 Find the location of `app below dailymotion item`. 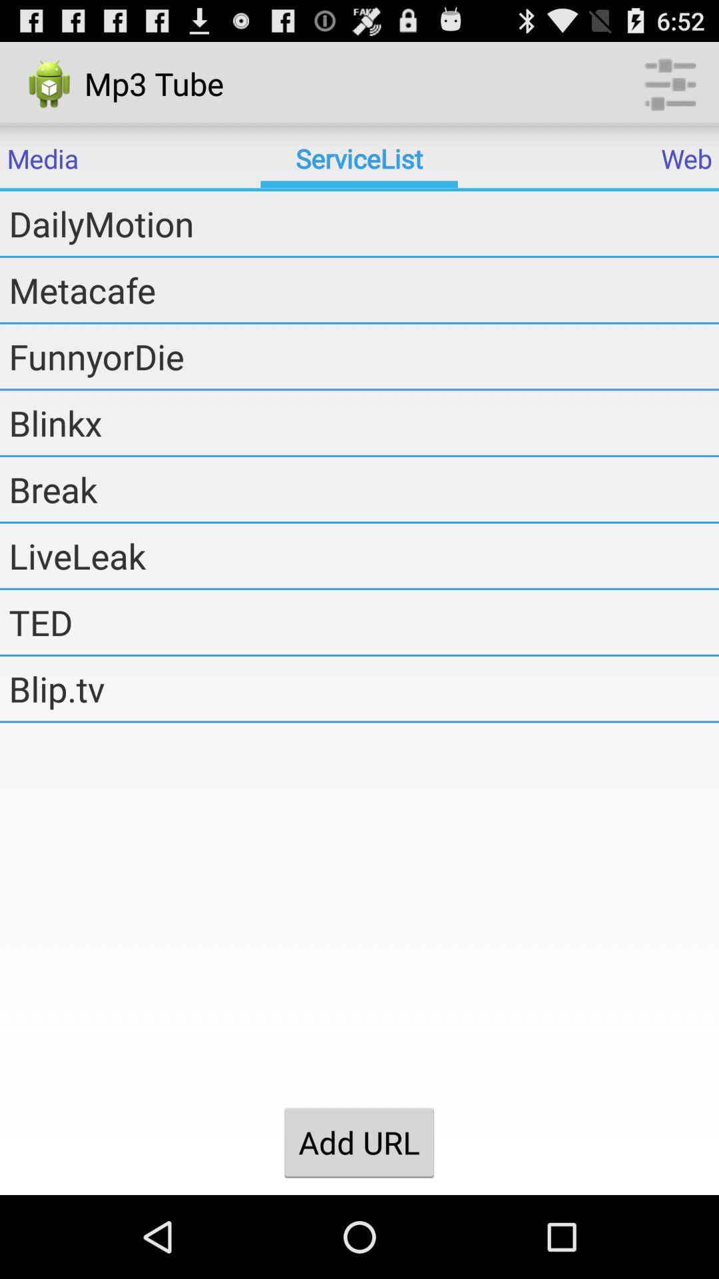

app below dailymotion item is located at coordinates (363, 289).